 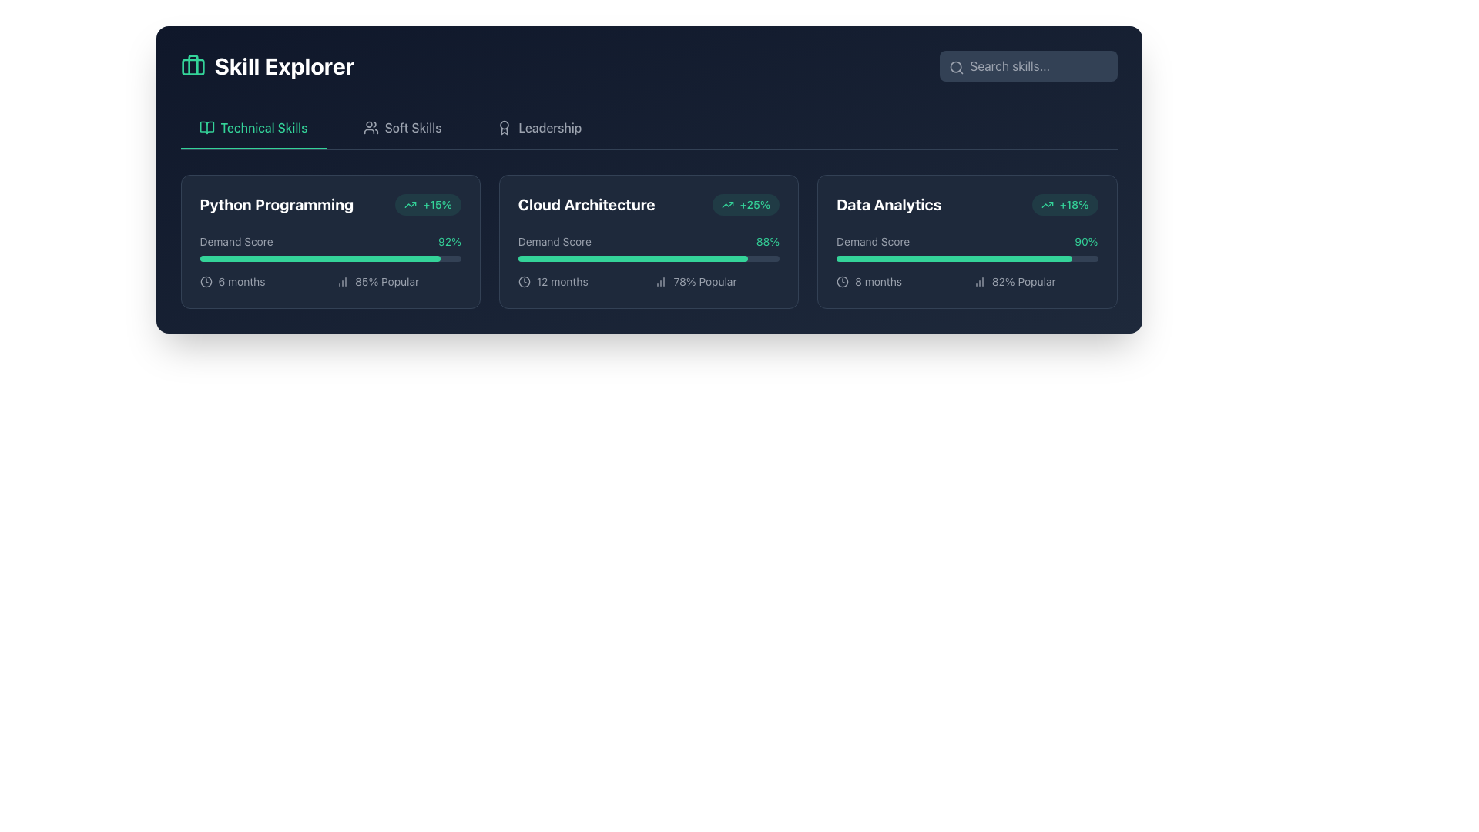 What do you see at coordinates (1085, 241) in the screenshot?
I see `the 'Demand Score' percentage display for the 'Data Analytics' skill, located in the top-right section of the 'Data Analytics' card, which is the third card in the row of three under 'Technical Skills'` at bounding box center [1085, 241].